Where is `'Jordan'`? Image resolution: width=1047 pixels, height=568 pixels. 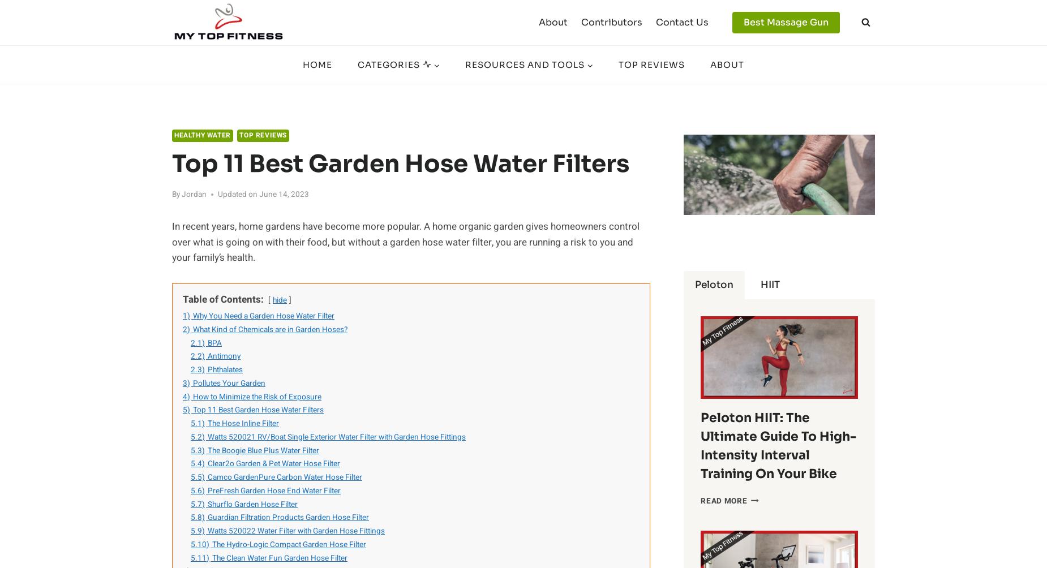
'Jordan' is located at coordinates (193, 193).